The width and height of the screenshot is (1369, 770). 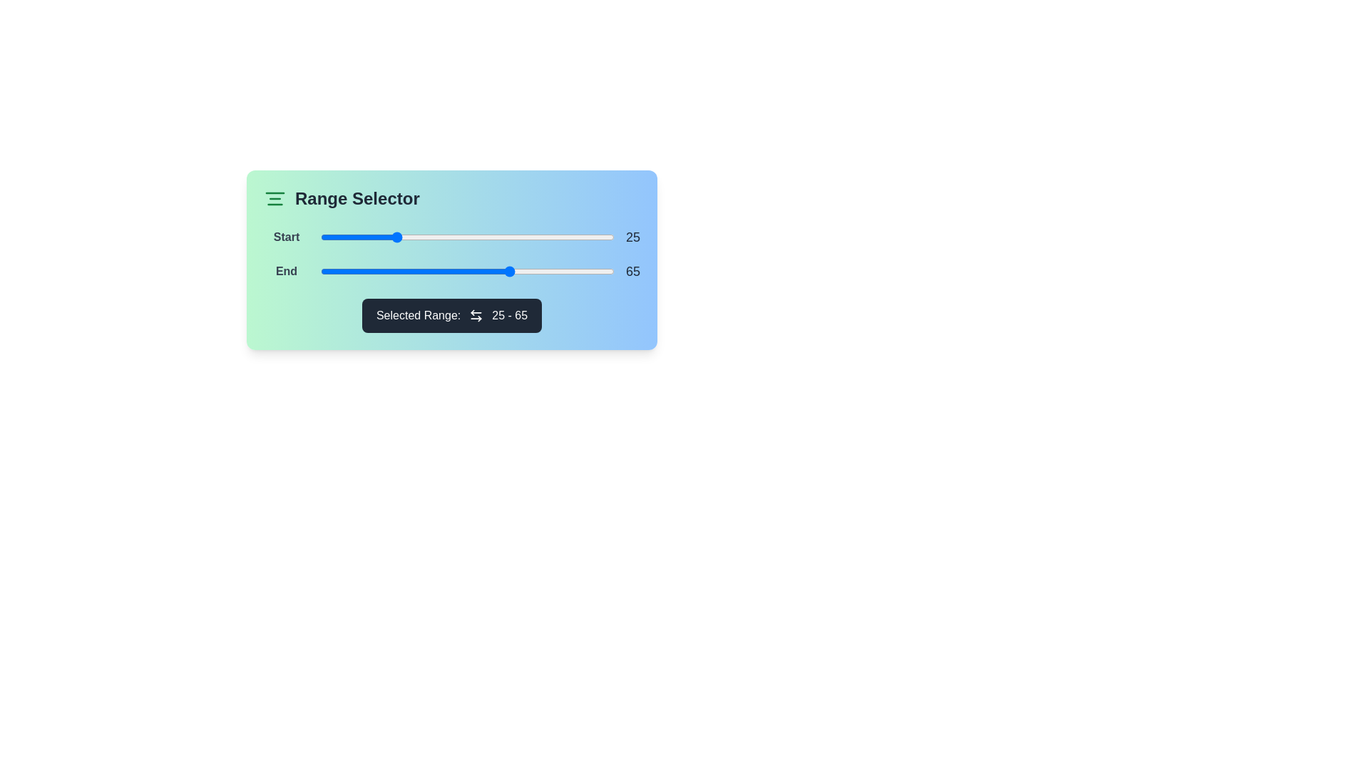 What do you see at coordinates (482, 236) in the screenshot?
I see `the start range slider to 55` at bounding box center [482, 236].